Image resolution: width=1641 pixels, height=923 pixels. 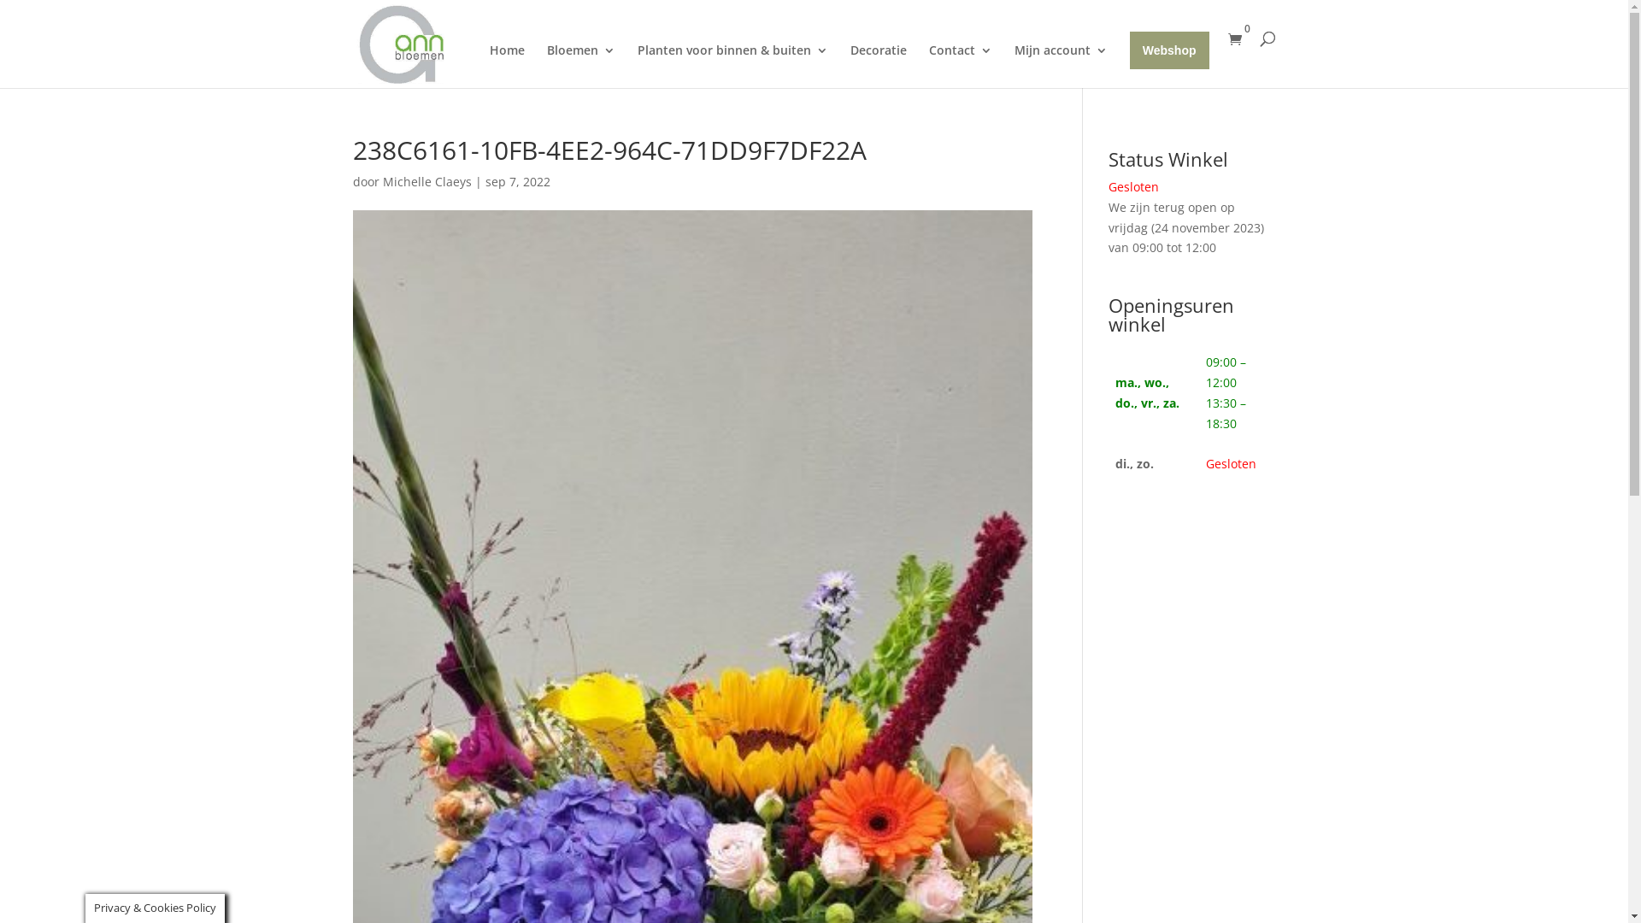 I want to click on 'Home', so click(x=506, y=65).